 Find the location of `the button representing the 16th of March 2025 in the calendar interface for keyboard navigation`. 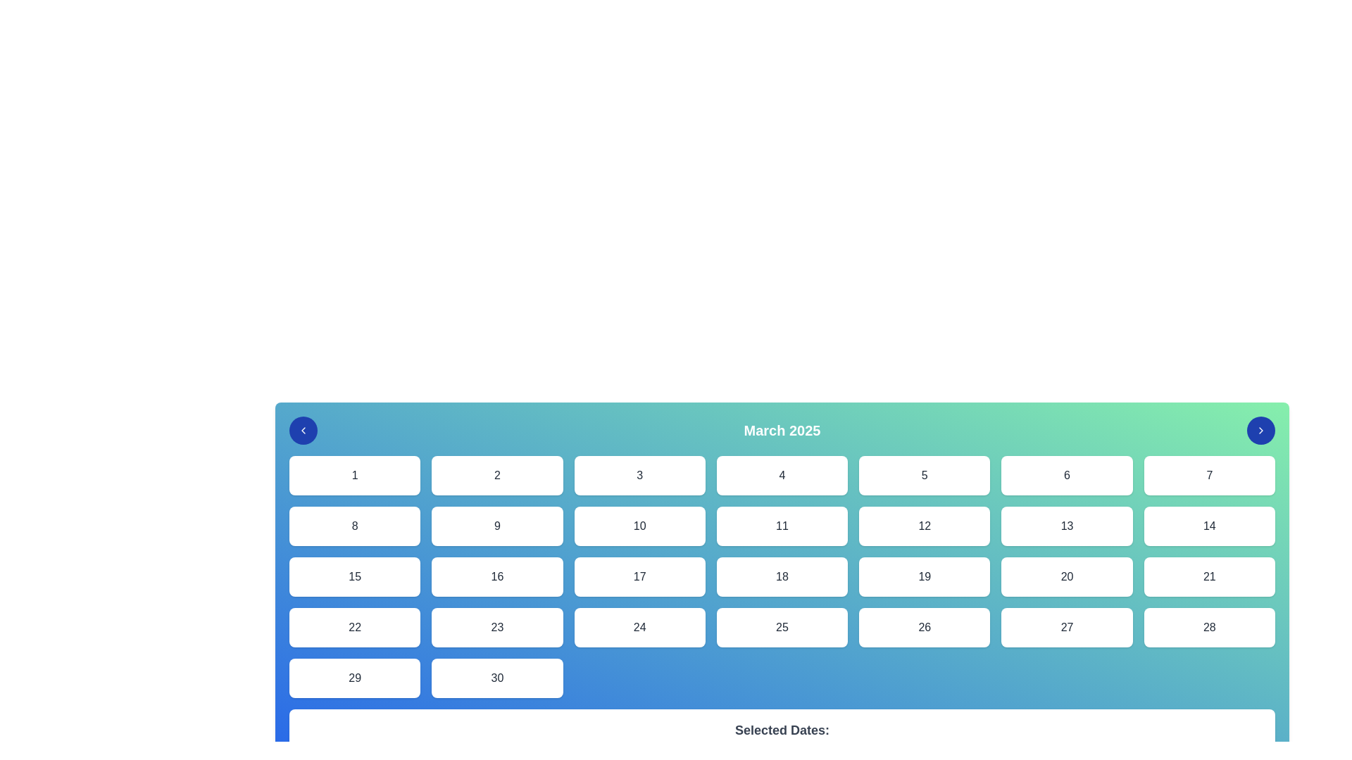

the button representing the 16th of March 2025 in the calendar interface for keyboard navigation is located at coordinates (497, 577).